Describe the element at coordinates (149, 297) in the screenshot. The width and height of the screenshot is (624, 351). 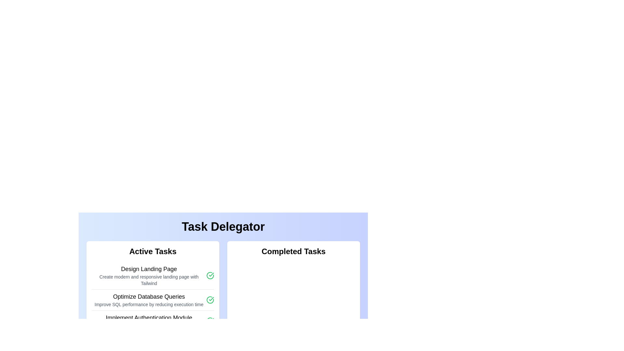
I see `heading text 'Optimize Database Queries' located under the 'Active Tasks' section, which is styled prominently and is the second task in the vertical list` at that location.